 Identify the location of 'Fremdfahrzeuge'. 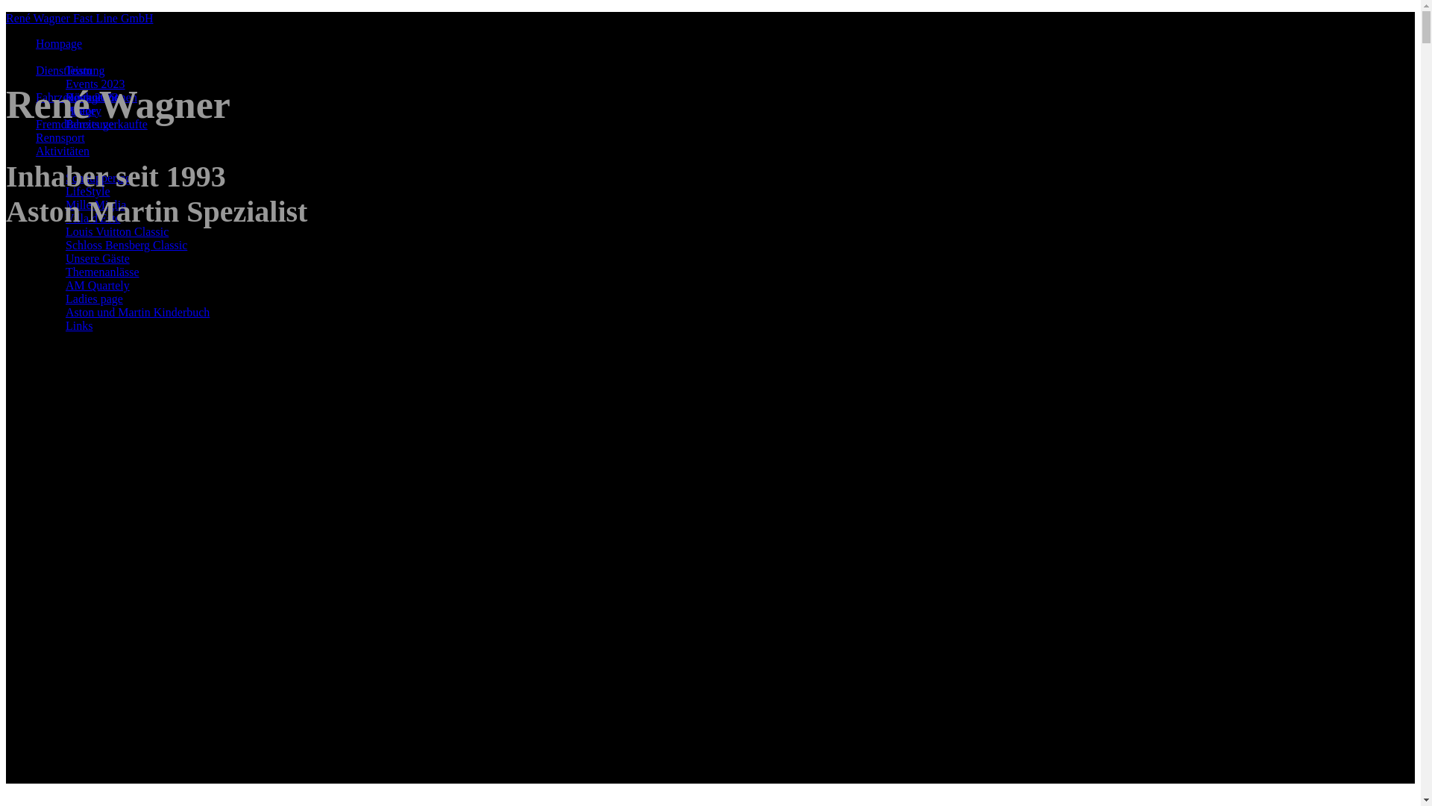
(74, 123).